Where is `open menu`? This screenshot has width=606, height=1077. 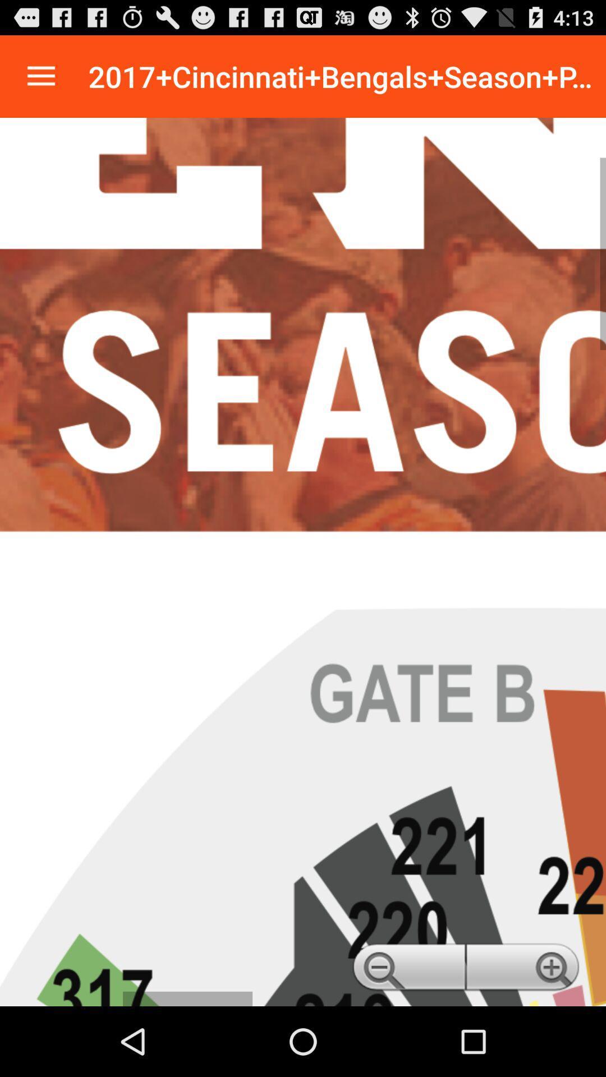
open menu is located at coordinates (40, 76).